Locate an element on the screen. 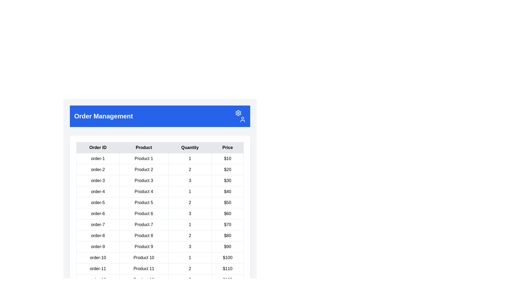  the price label displaying $90 for order-9 in the fourth column of the table is located at coordinates (228, 247).